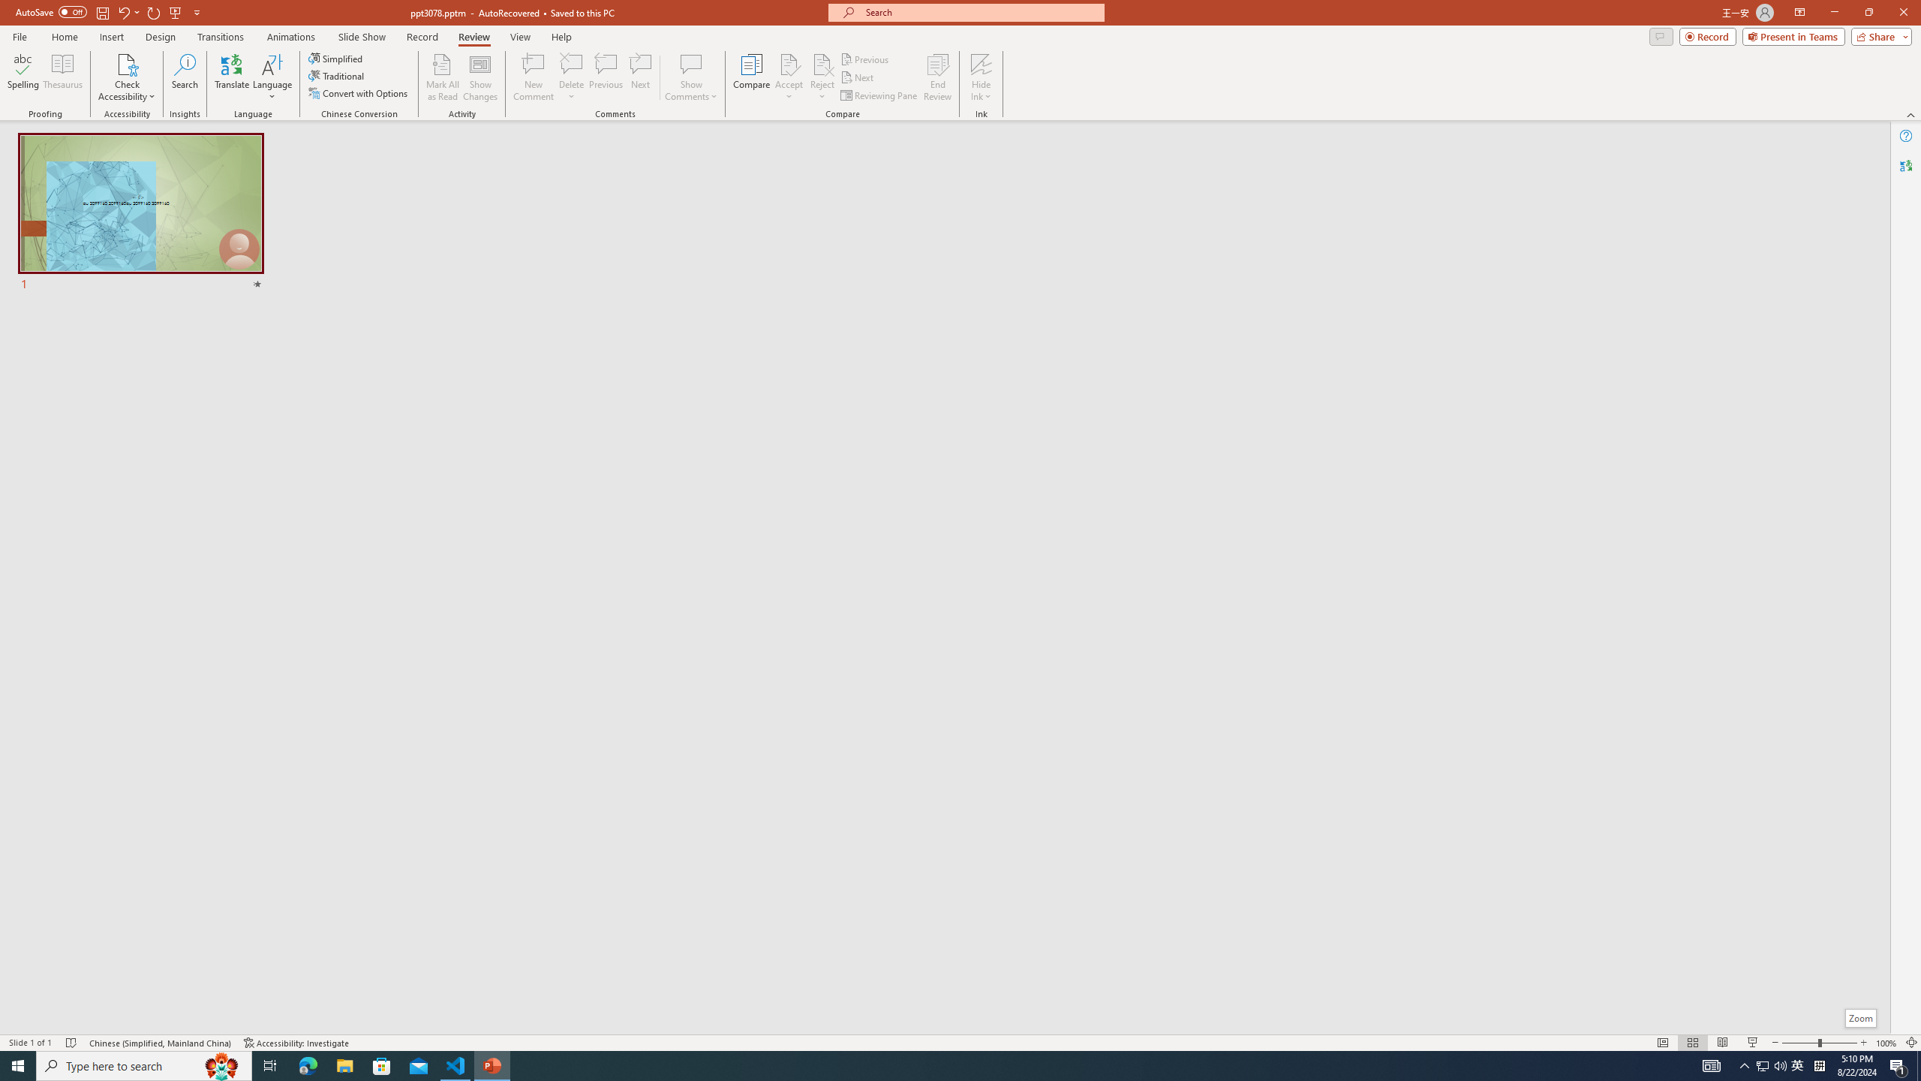 This screenshot has height=1081, width=1921. I want to click on 'Accept Change', so click(789, 63).